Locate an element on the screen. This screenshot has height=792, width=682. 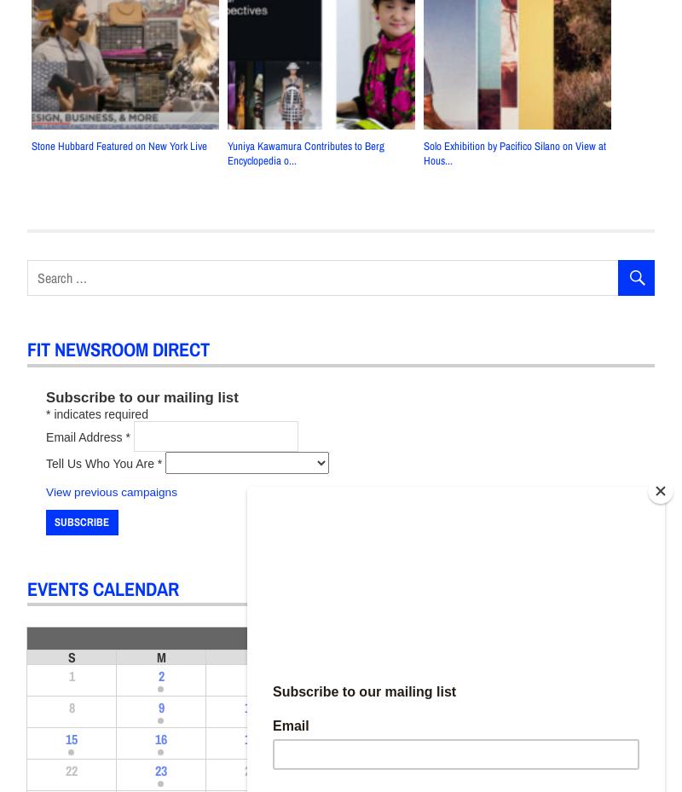
'21' is located at coordinates (608, 739).